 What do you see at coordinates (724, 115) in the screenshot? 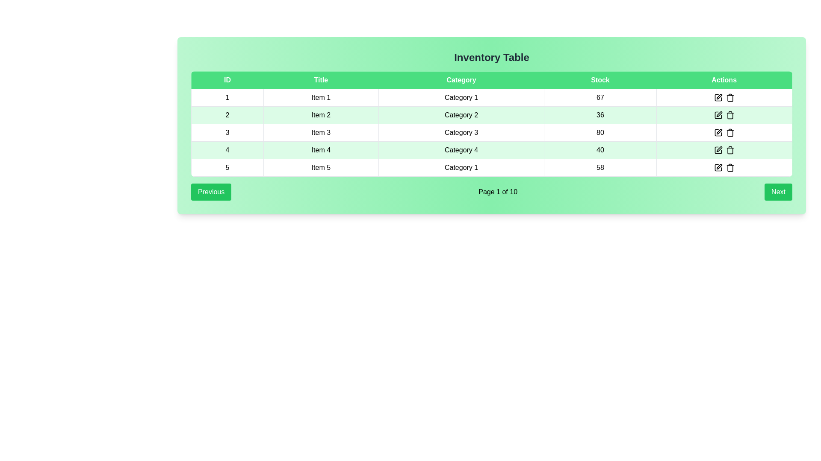
I see `the delete icon in the Actions column of the row labeled 'Item 2' with a stock value of '36'` at bounding box center [724, 115].